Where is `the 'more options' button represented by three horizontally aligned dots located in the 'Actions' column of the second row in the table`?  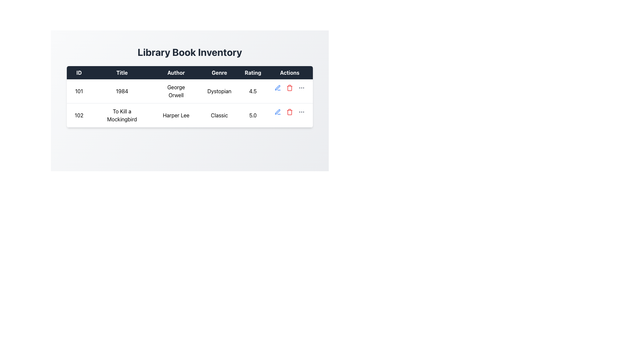
the 'more options' button represented by three horizontally aligned dots located in the 'Actions' column of the second row in the table is located at coordinates (301, 111).